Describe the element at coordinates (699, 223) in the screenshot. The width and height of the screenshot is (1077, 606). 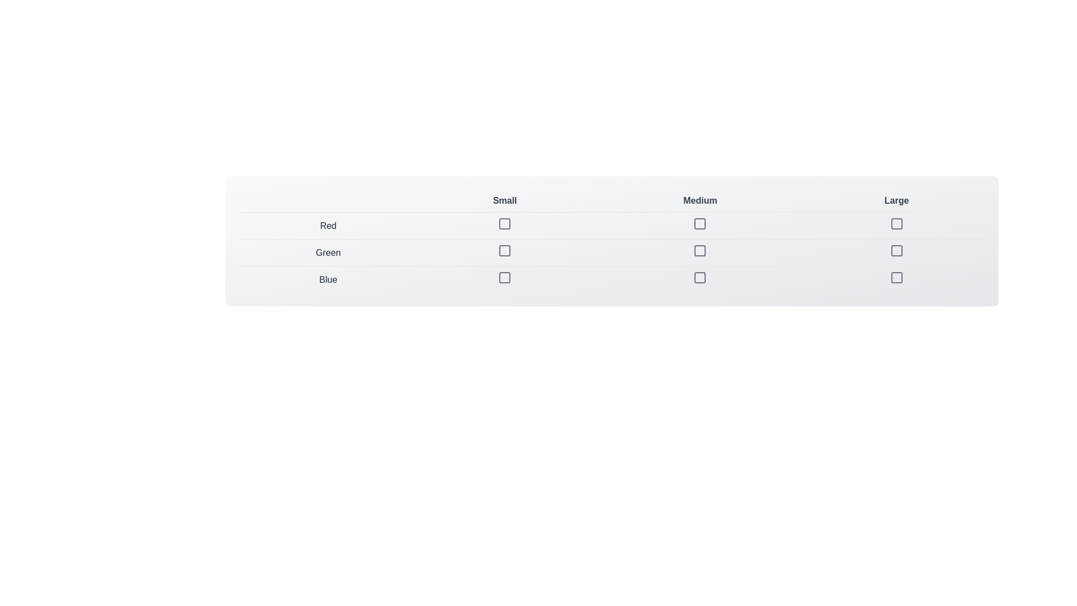
I see `the checkbox for selecting the 'Medium' size option in the 'Red' color category, located in the second column and first row of the table` at that location.